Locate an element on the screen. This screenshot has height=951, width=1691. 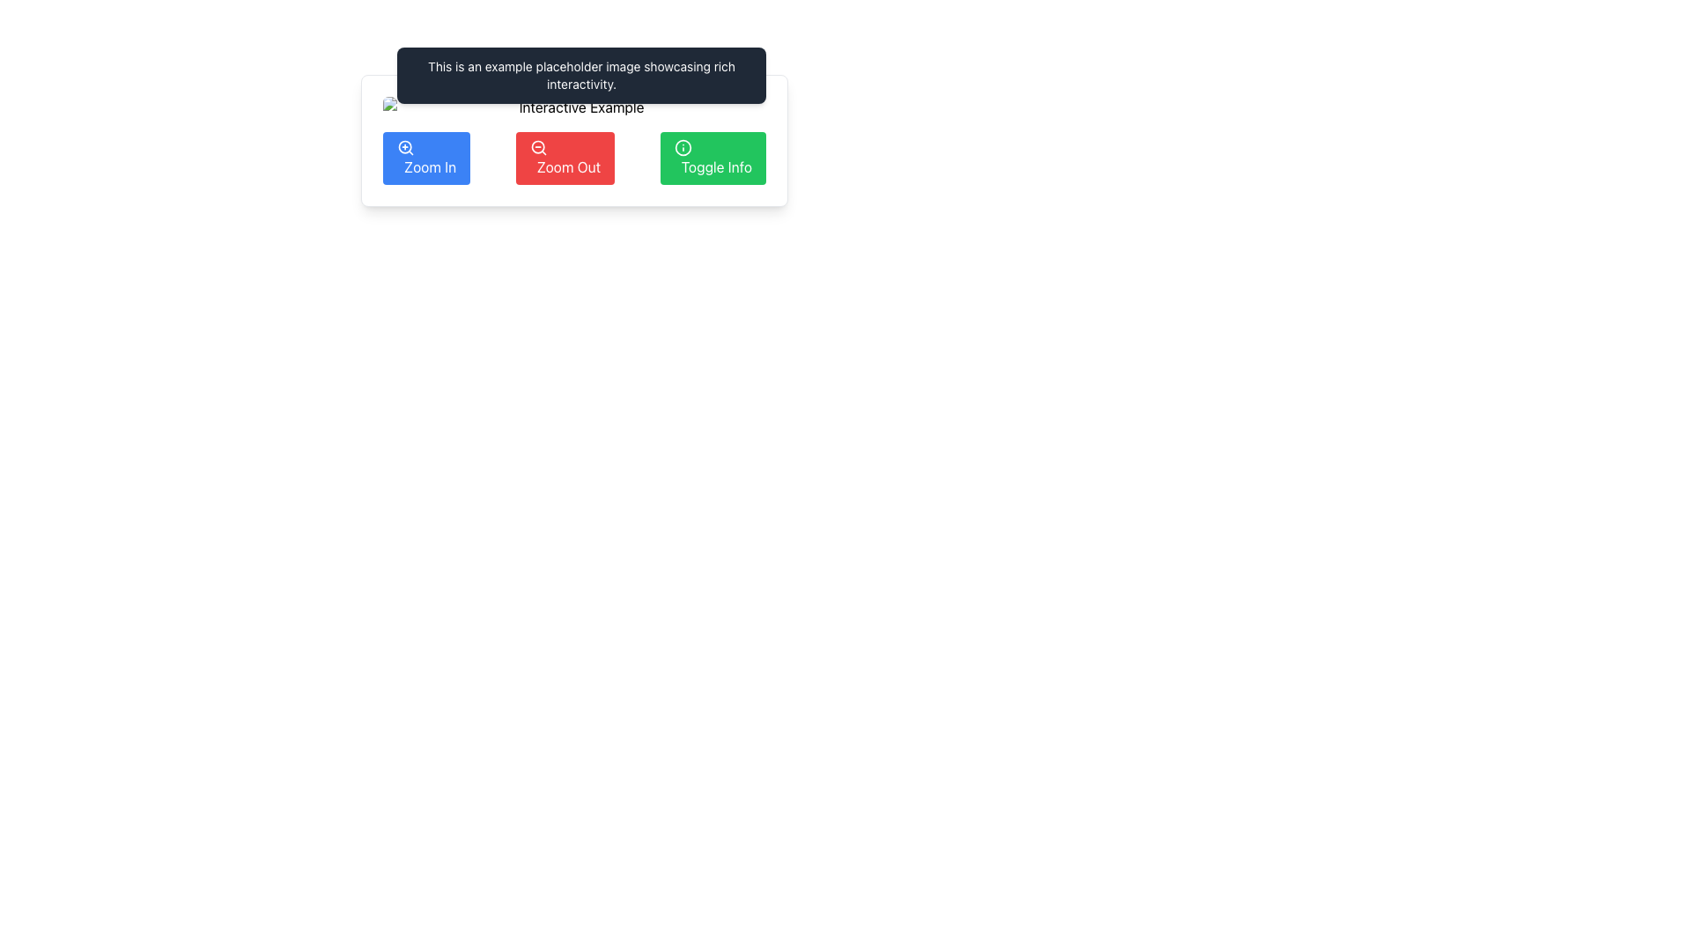
the outlined circular graphical component of the 'Zoom Out' icon located at the center of the control panel is located at coordinates (536, 146).